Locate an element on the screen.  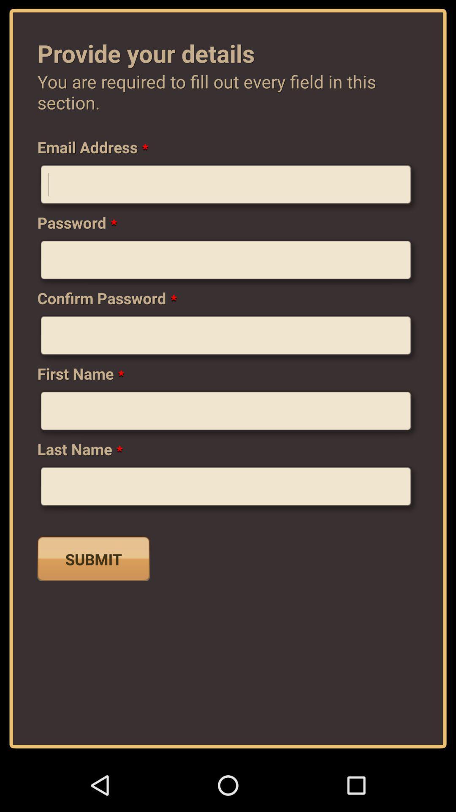
last name is located at coordinates (228, 489).